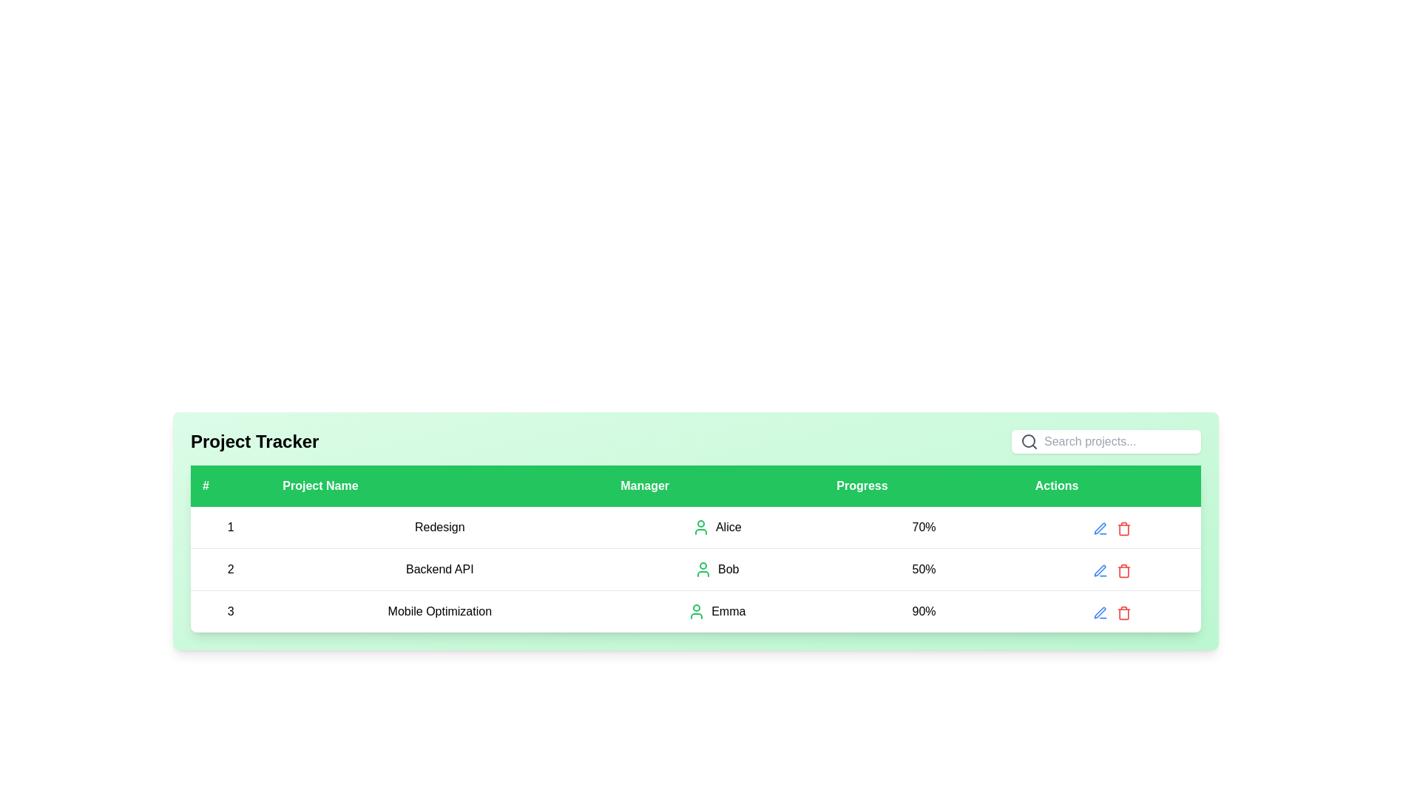 This screenshot has width=1420, height=798. Describe the element at coordinates (1029, 440) in the screenshot. I see `the search icon located in the header of the data table layout` at that location.